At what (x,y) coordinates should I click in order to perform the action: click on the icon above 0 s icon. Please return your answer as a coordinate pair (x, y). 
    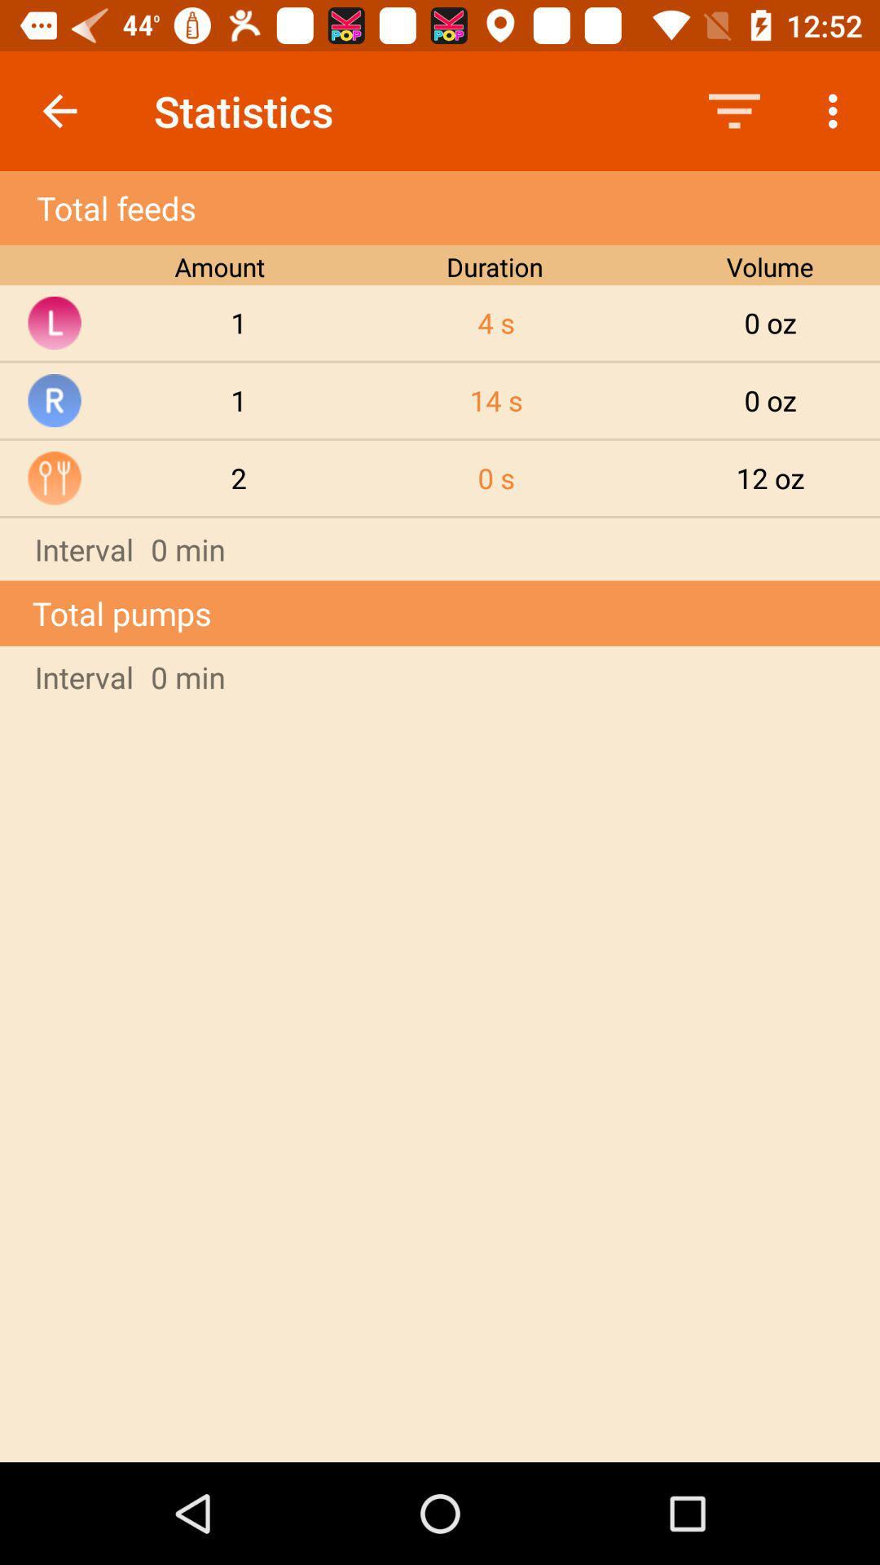
    Looking at the image, I should click on (495, 400).